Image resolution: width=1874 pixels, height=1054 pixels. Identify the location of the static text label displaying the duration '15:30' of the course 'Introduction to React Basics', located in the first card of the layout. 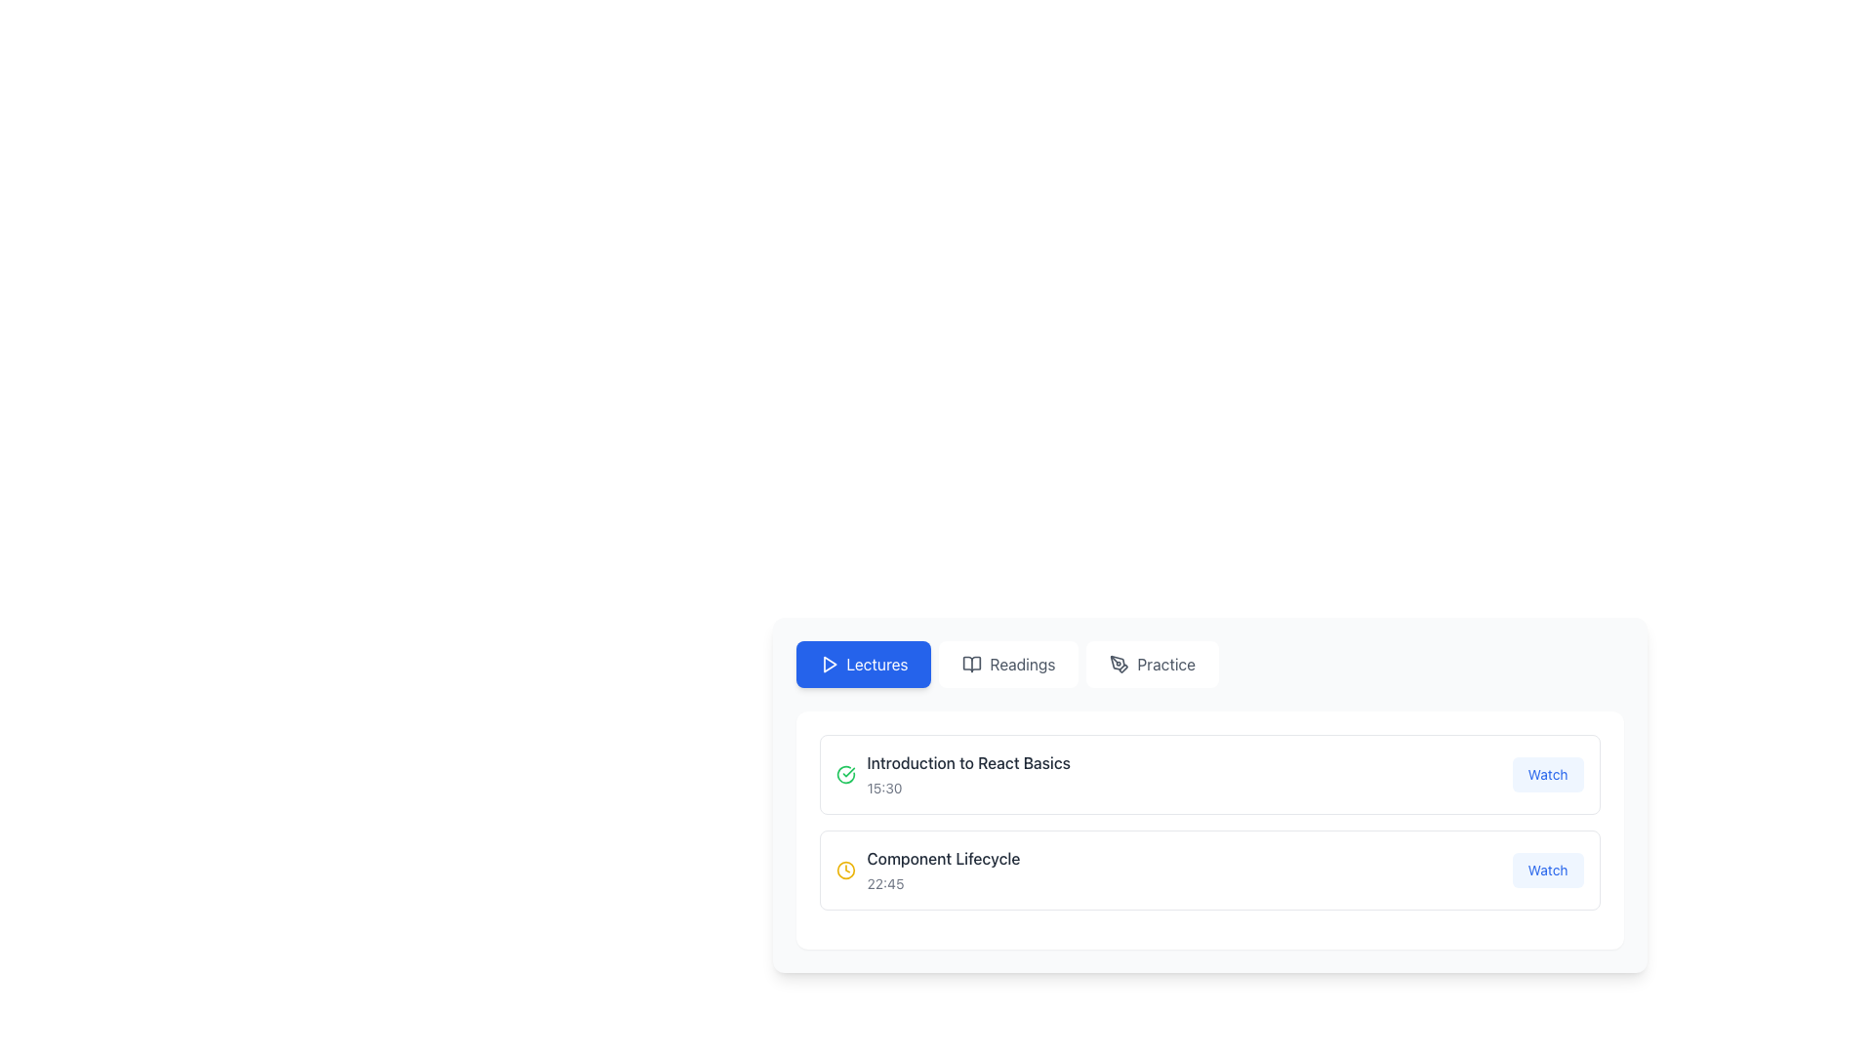
(883, 787).